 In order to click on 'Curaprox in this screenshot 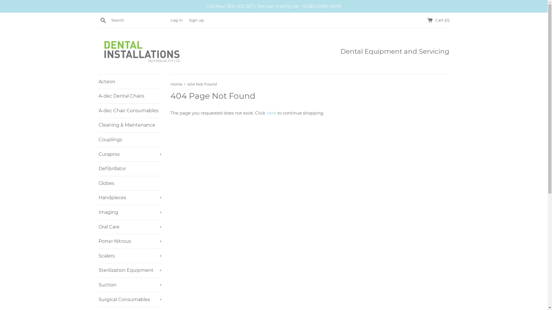, I will do `click(129, 154)`.